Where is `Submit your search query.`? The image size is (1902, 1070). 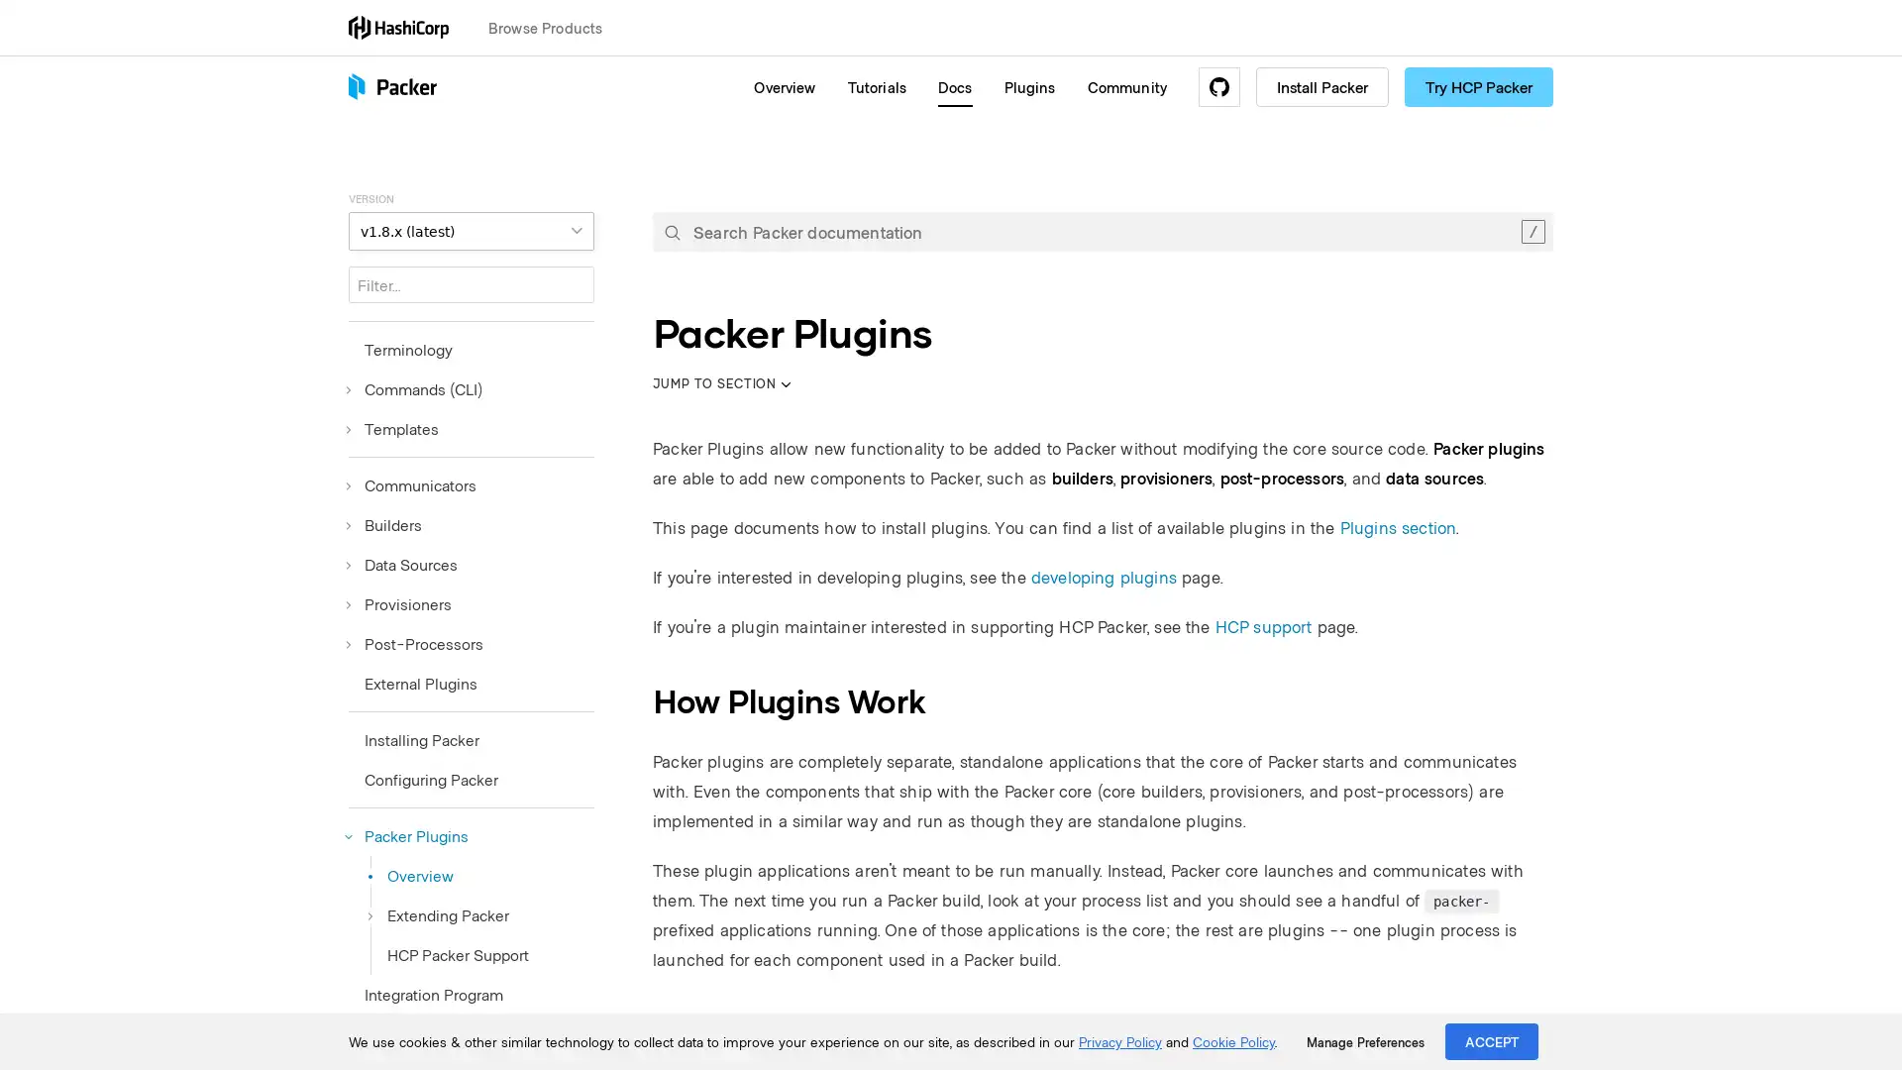 Submit your search query. is located at coordinates (672, 231).